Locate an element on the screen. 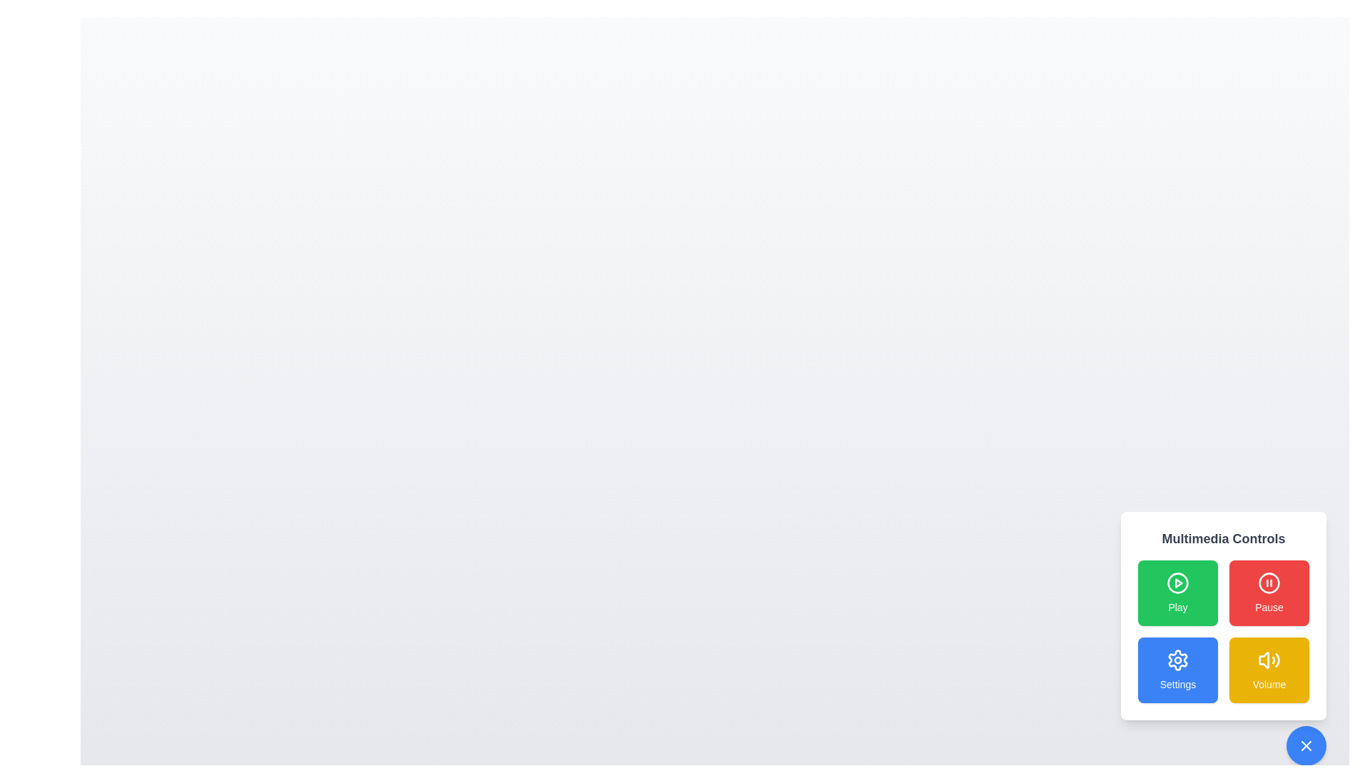  text label 'Play' located at the bottom-center of the green button with a circular play icon above it is located at coordinates (1178, 608).